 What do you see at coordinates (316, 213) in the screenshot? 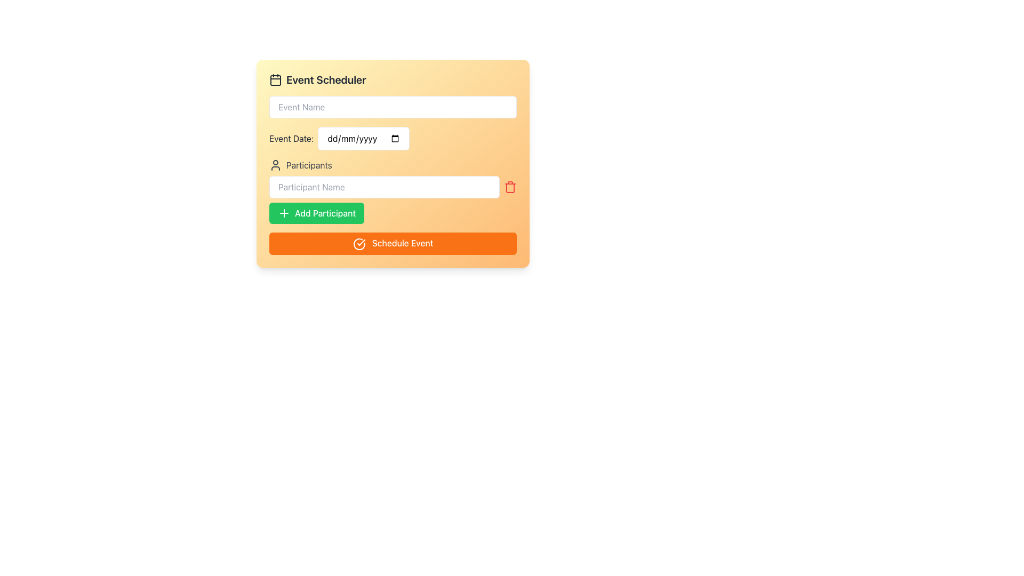
I see `keyboard navigation` at bounding box center [316, 213].